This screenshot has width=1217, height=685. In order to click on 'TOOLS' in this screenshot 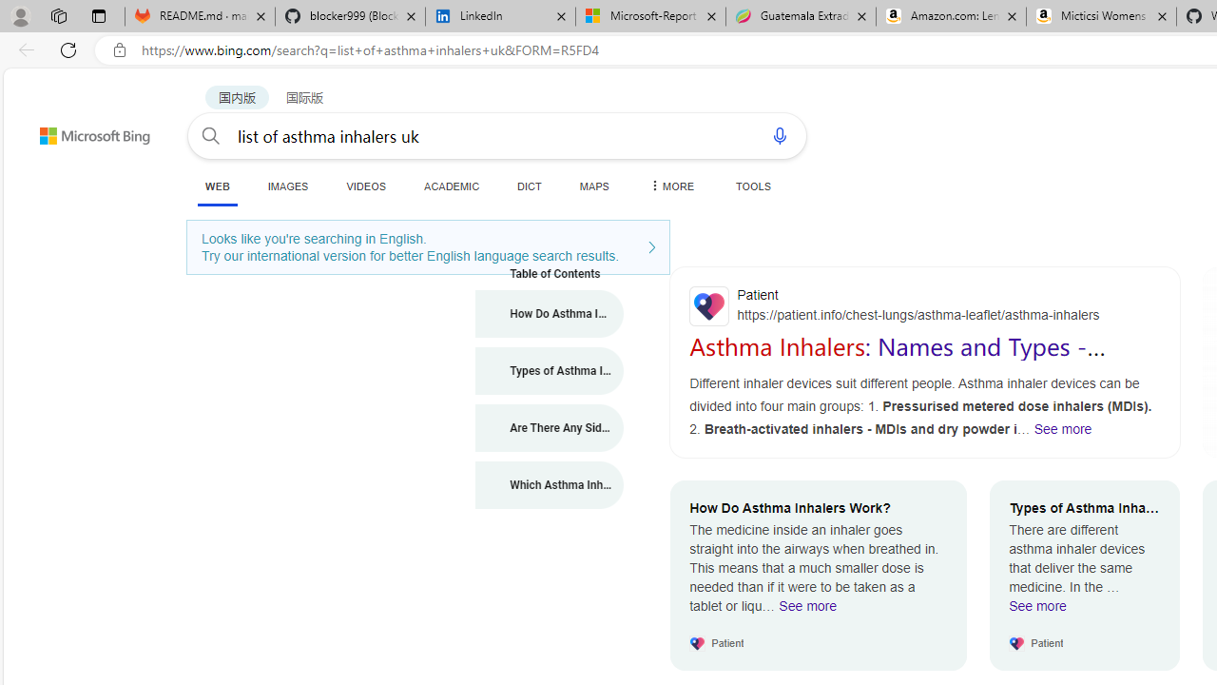, I will do `click(752, 186)`.